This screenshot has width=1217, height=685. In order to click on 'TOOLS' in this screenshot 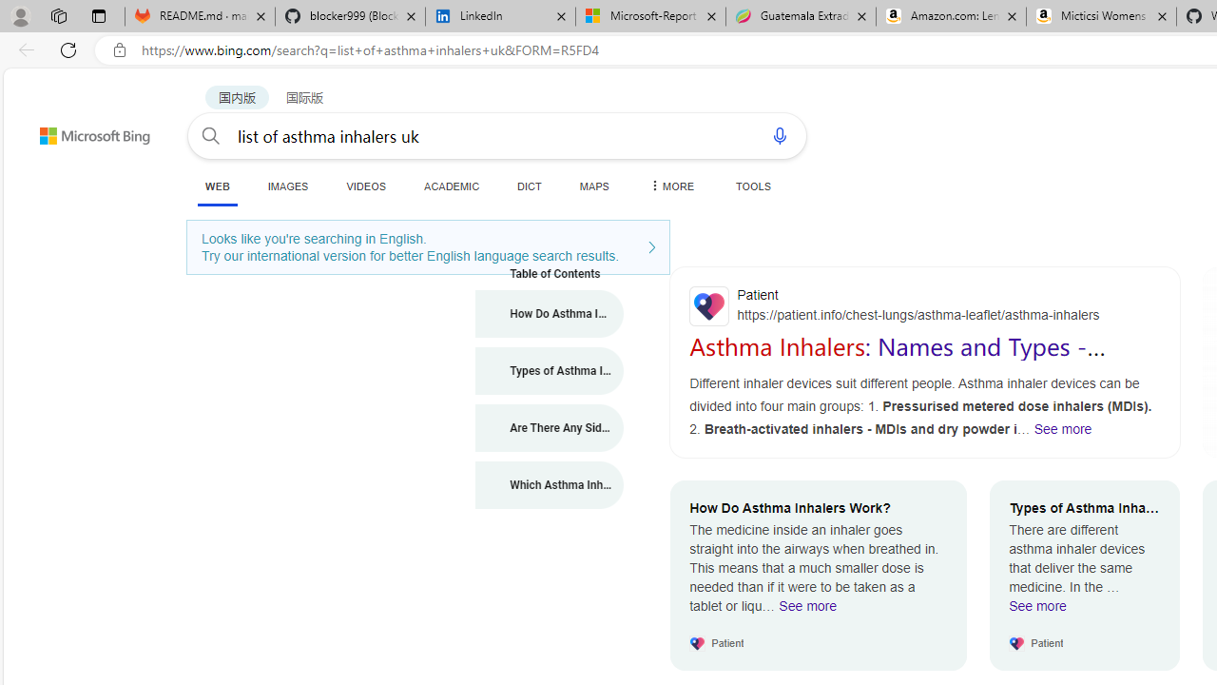, I will do `click(752, 186)`.